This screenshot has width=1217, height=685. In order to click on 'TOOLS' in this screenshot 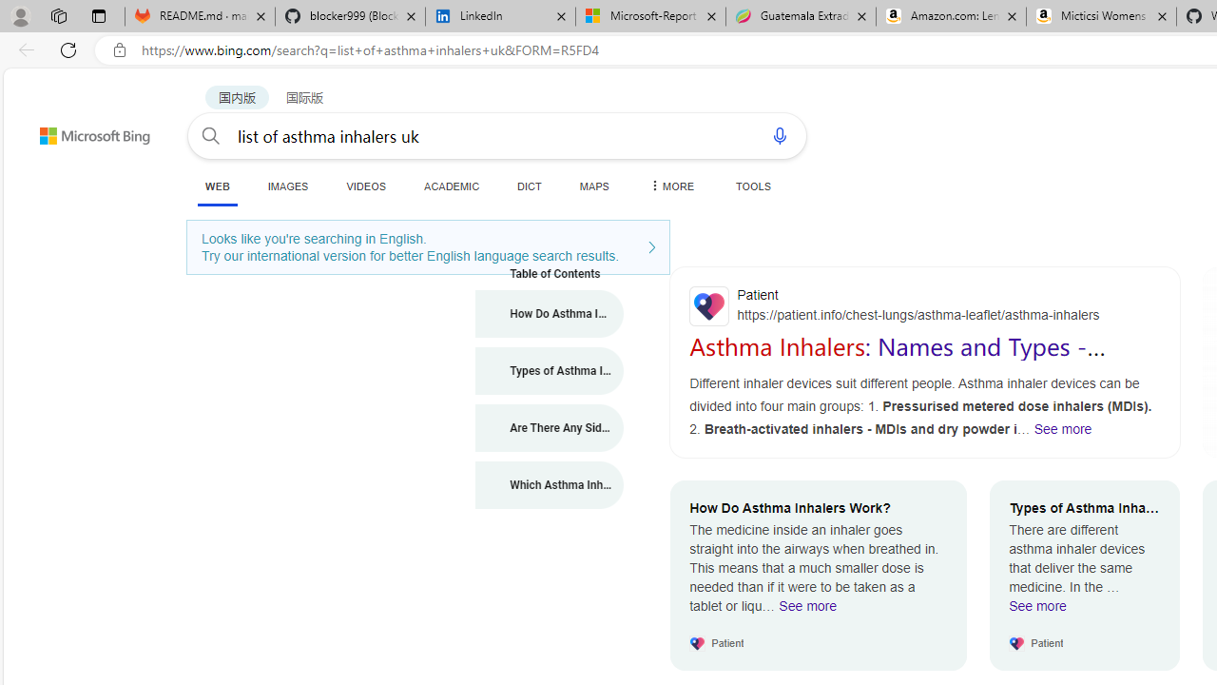, I will do `click(752, 186)`.